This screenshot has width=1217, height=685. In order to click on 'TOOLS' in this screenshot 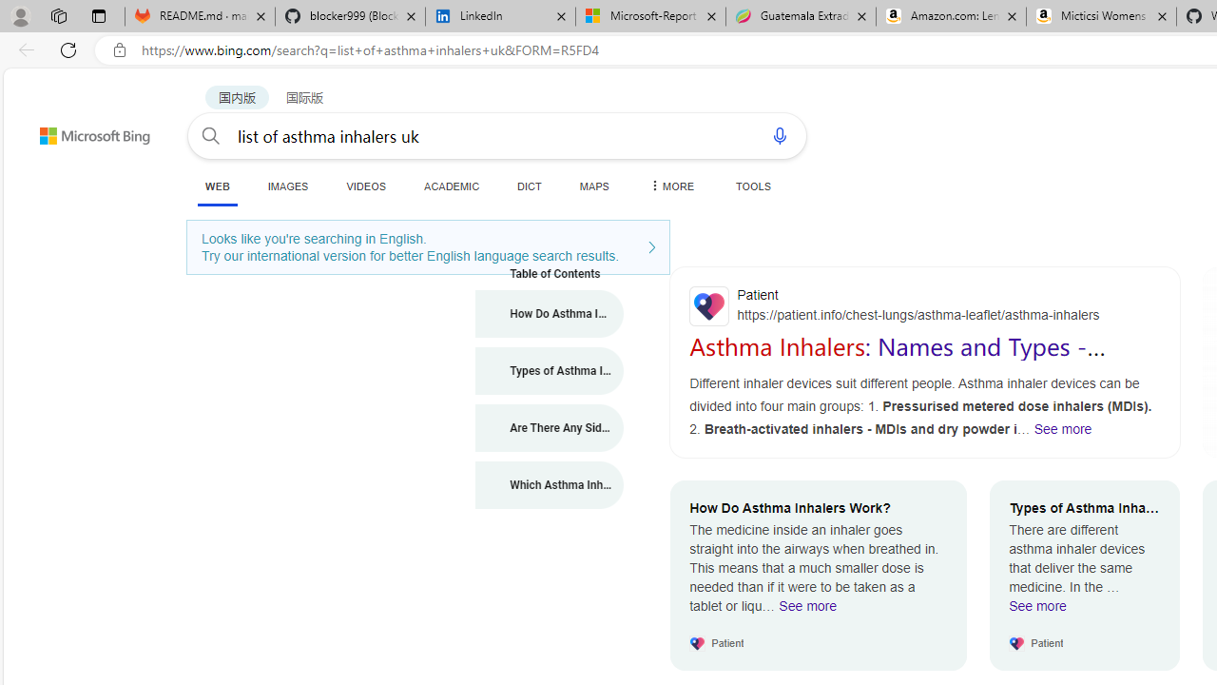, I will do `click(752, 186)`.